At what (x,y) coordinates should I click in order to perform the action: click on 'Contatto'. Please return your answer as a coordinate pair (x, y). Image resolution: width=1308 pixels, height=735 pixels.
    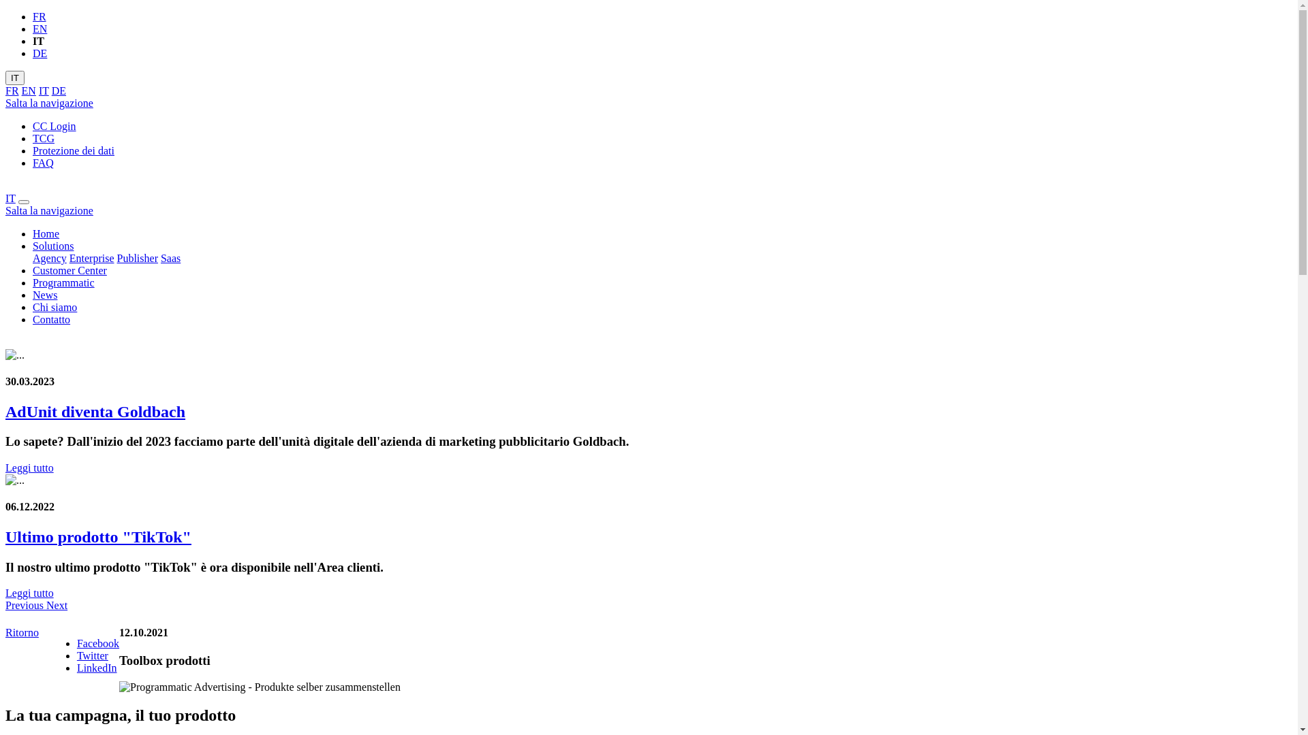
    Looking at the image, I should click on (51, 319).